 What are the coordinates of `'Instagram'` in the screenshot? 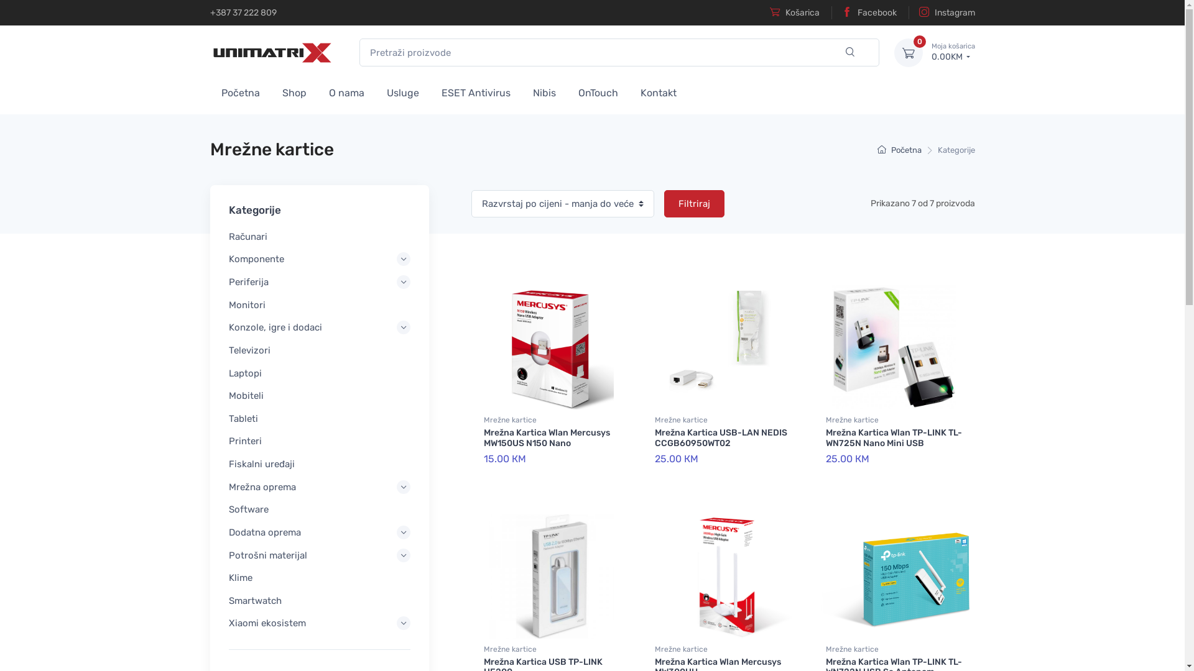 It's located at (941, 12).